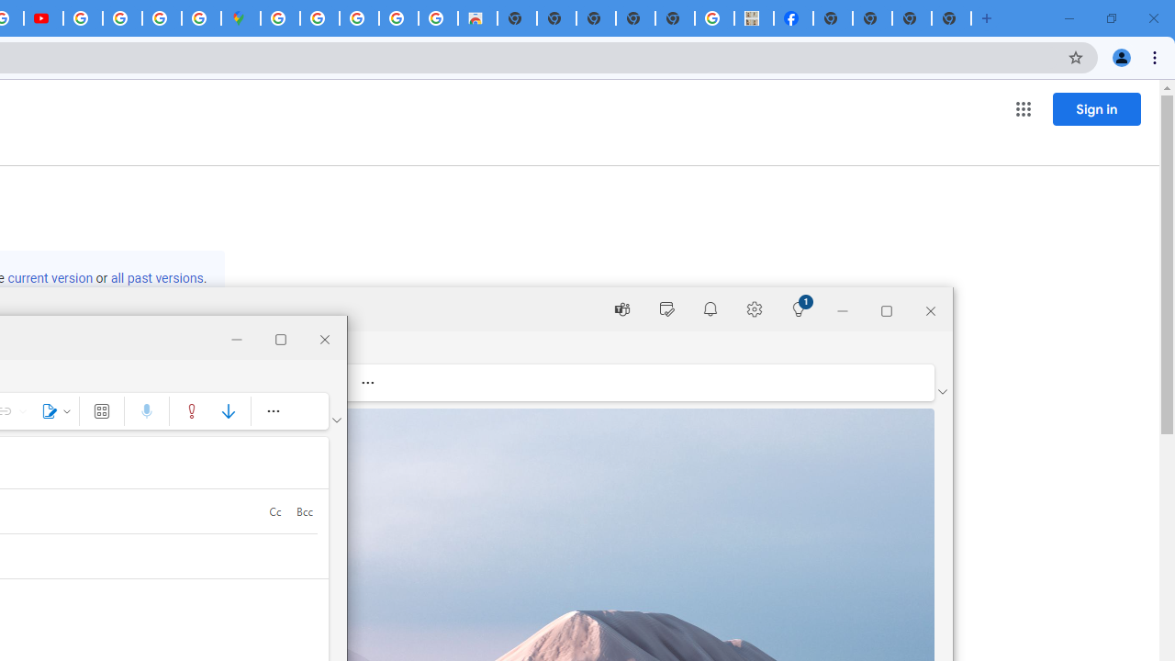 The width and height of the screenshot is (1175, 661). What do you see at coordinates (274, 510) in the screenshot?
I see `'Cc'` at bounding box center [274, 510].